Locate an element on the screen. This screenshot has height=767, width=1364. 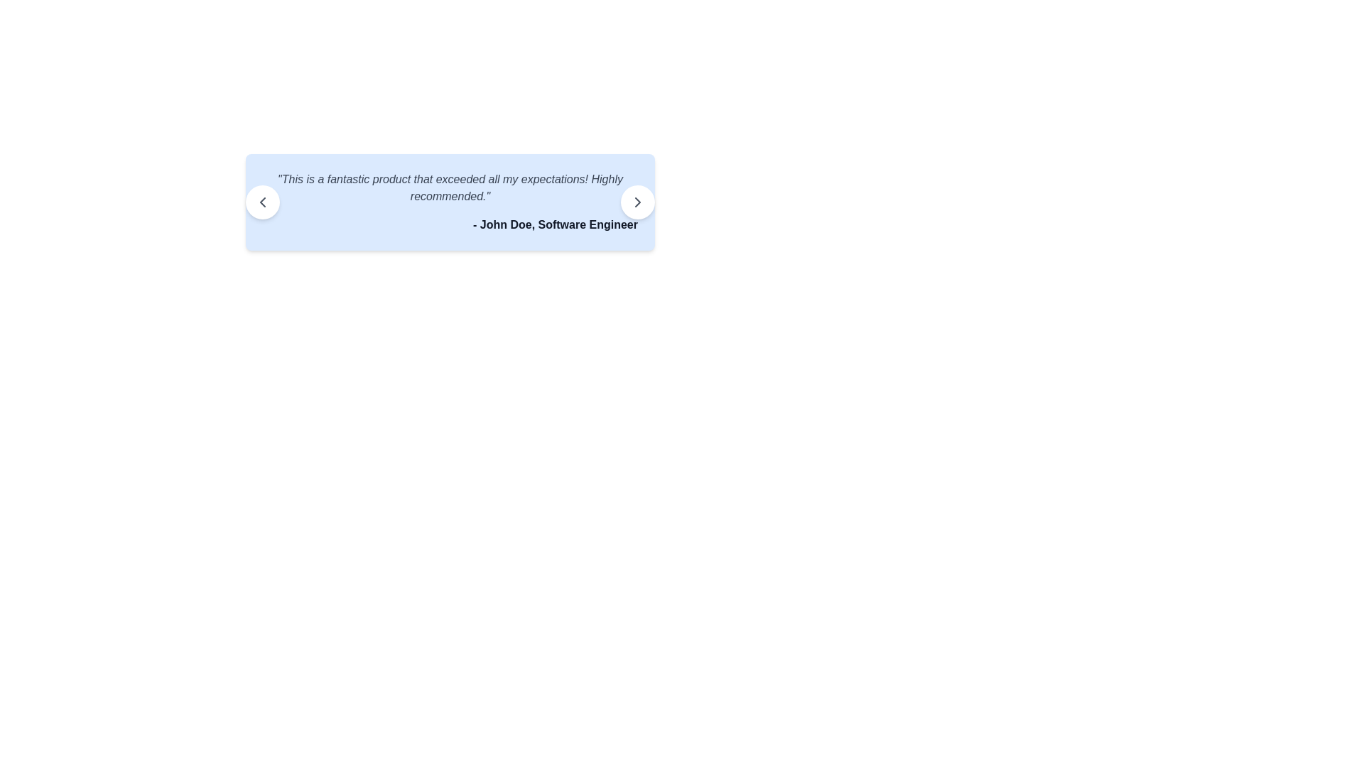
the navigational button on the left side of the testimonial box is located at coordinates (262, 202).